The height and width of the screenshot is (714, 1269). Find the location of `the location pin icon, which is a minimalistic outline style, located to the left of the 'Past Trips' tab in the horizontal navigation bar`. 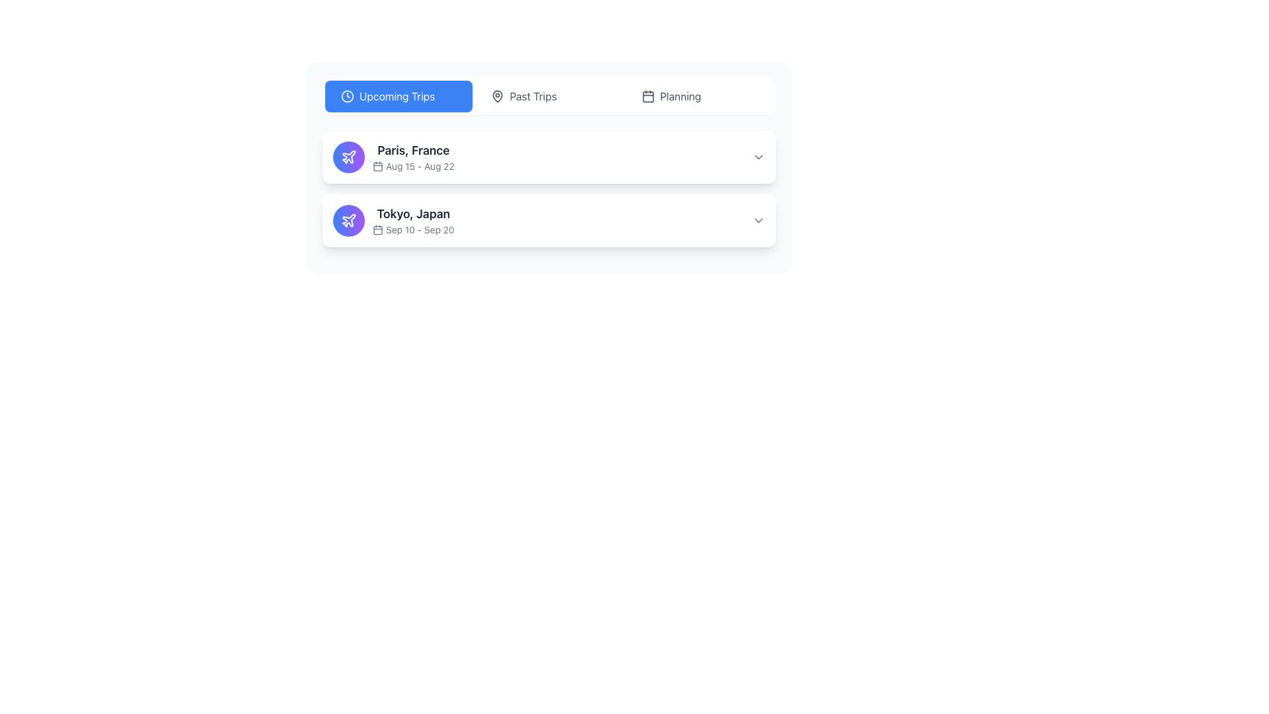

the location pin icon, which is a minimalistic outline style, located to the left of the 'Past Trips' tab in the horizontal navigation bar is located at coordinates (497, 96).